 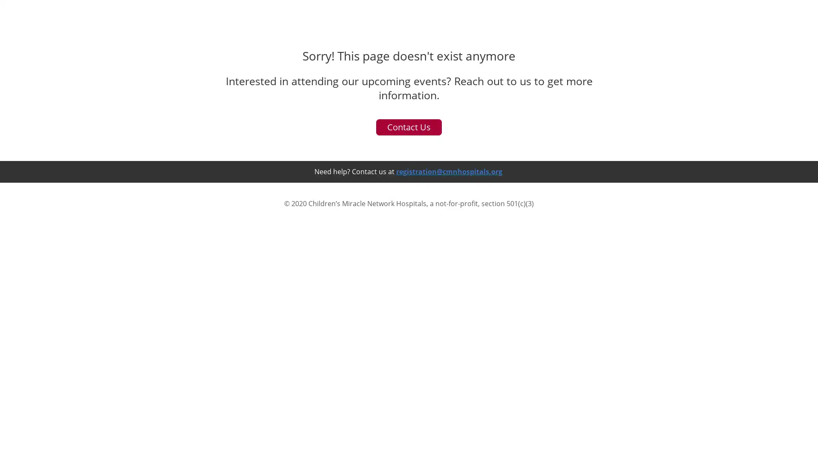 I want to click on Contact Us, so click(x=409, y=404).